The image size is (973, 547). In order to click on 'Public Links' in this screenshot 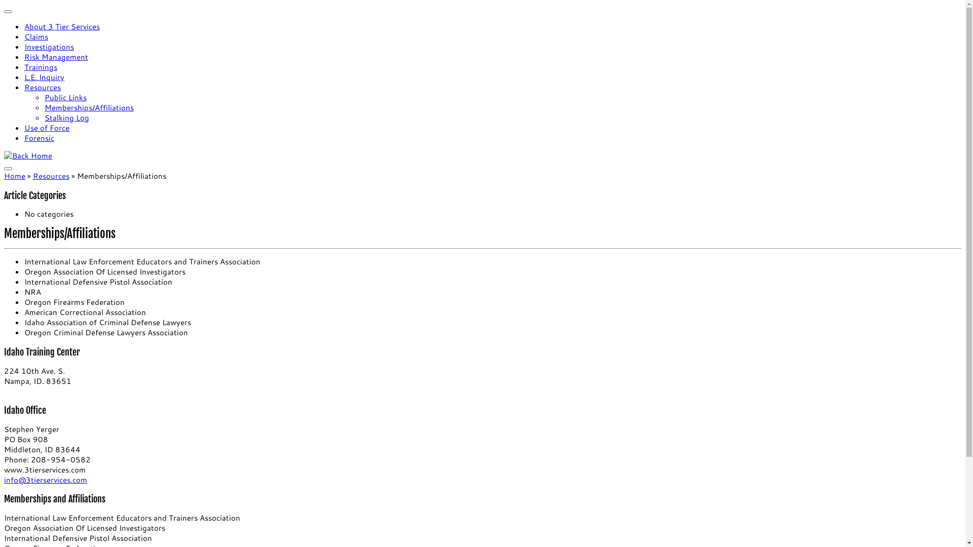, I will do `click(65, 97)`.